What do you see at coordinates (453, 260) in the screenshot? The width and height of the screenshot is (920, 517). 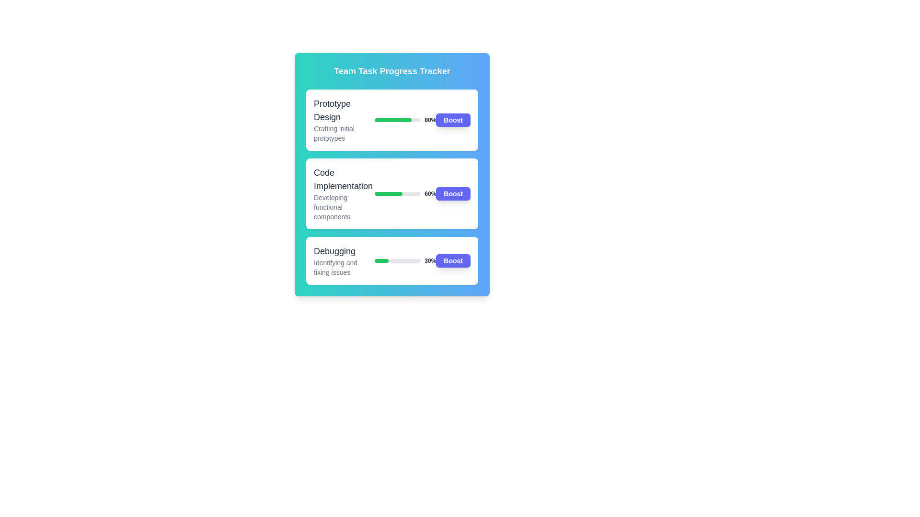 I see `the 'Boost' button, which is a purple button with white text, located at the far right of the debugging task panel` at bounding box center [453, 260].